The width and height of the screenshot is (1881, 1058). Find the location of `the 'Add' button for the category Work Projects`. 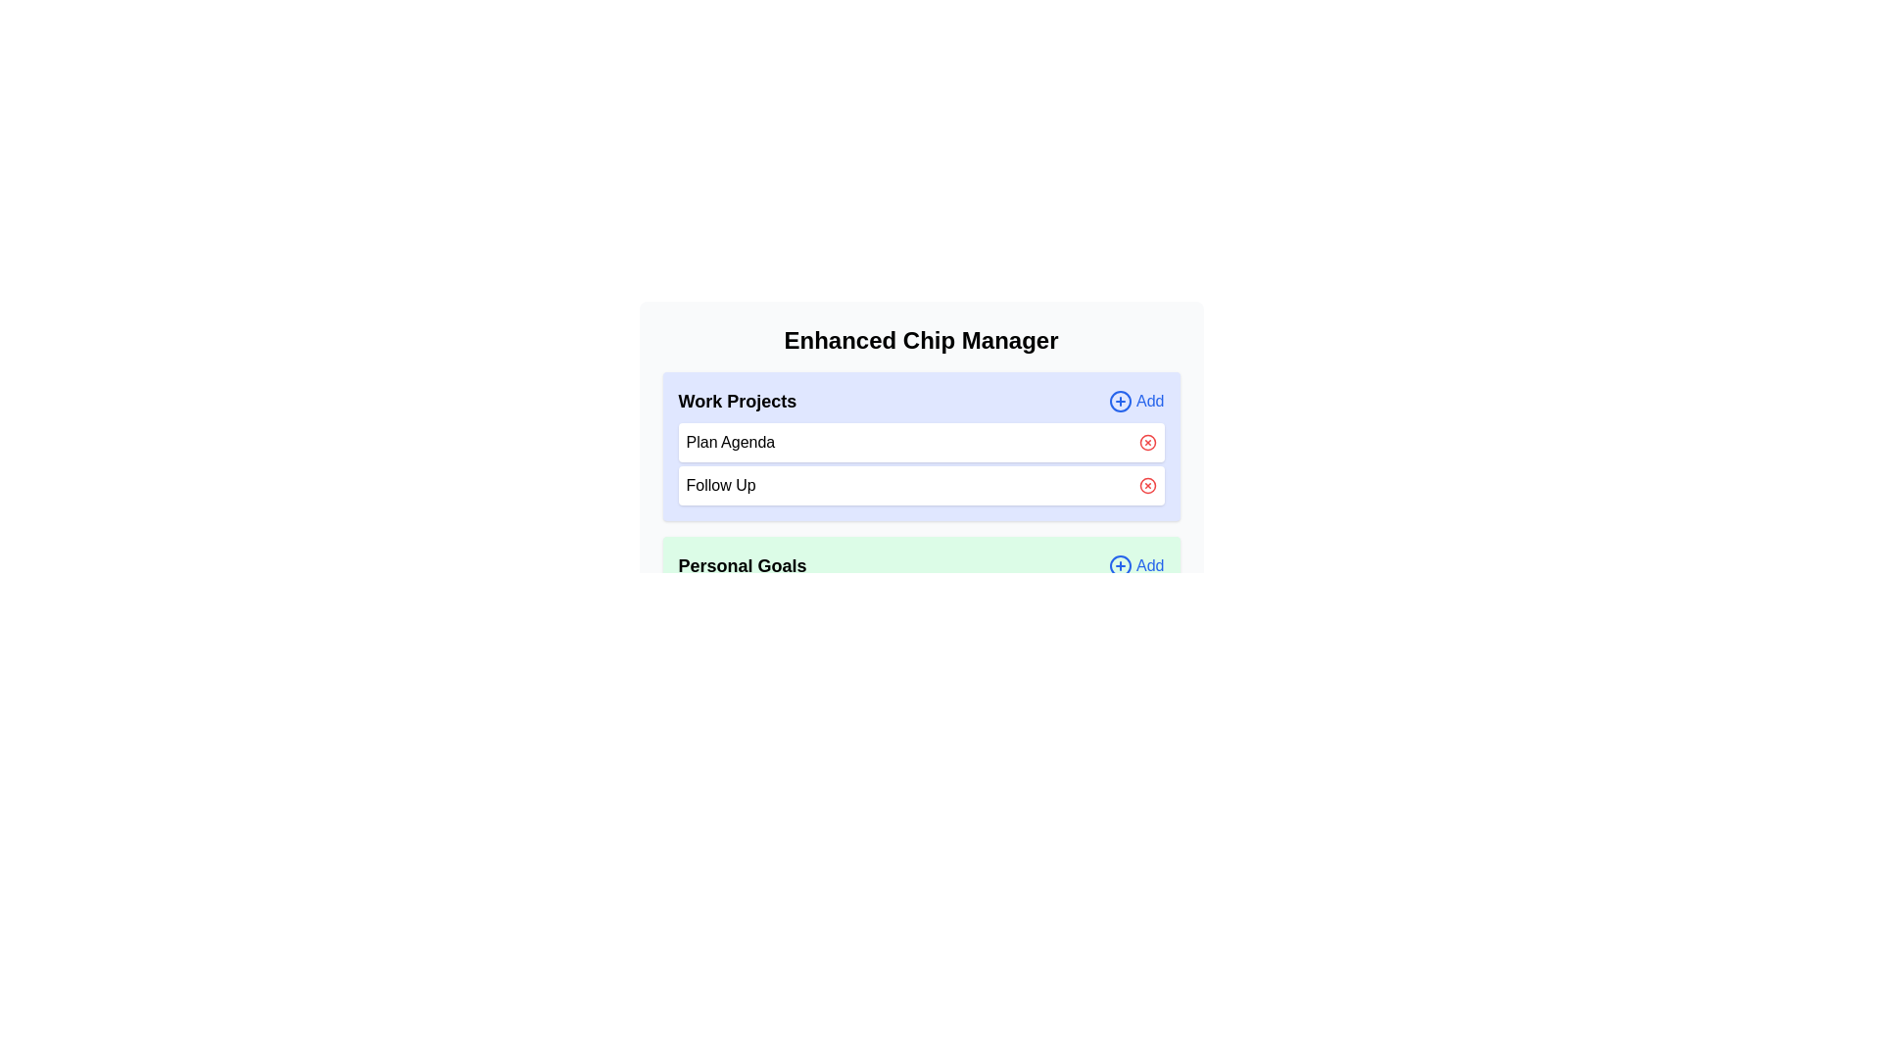

the 'Add' button for the category Work Projects is located at coordinates (1136, 400).